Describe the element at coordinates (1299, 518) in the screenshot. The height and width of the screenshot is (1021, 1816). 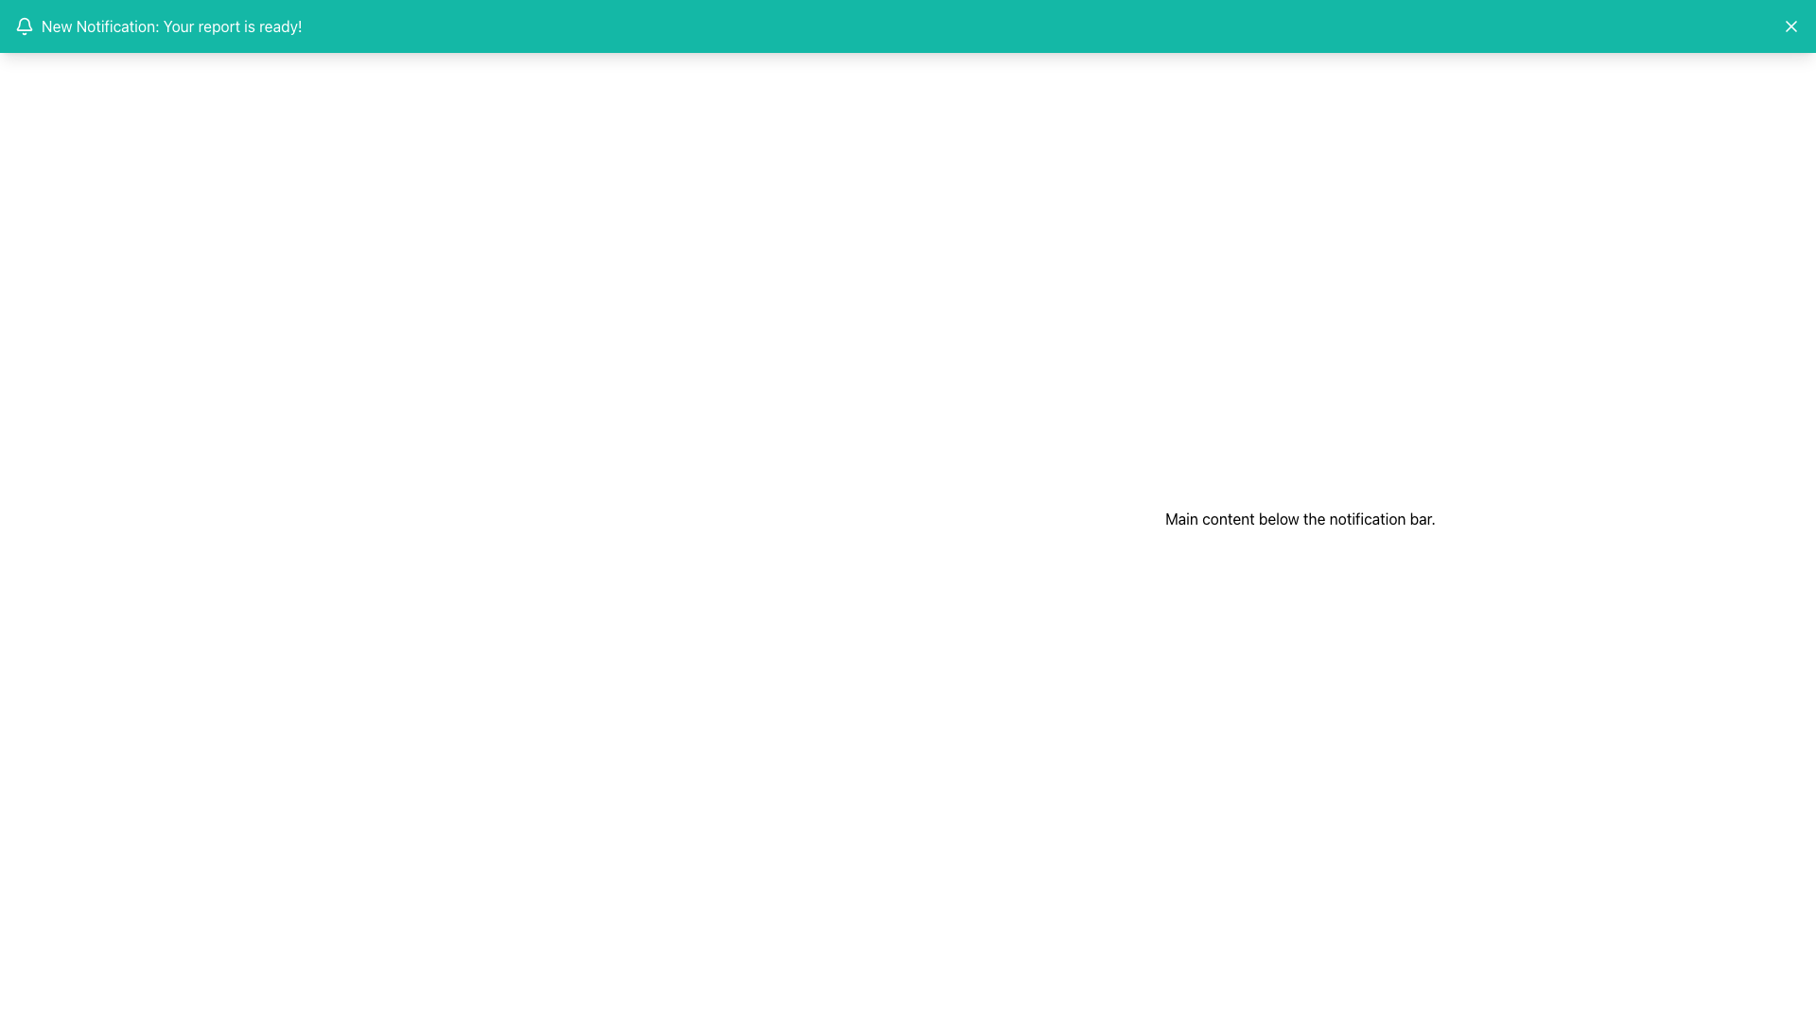
I see `text displayed as 'Main content below the notification bar.' located beneath the notification bar and horizontally centered within the interface` at that location.